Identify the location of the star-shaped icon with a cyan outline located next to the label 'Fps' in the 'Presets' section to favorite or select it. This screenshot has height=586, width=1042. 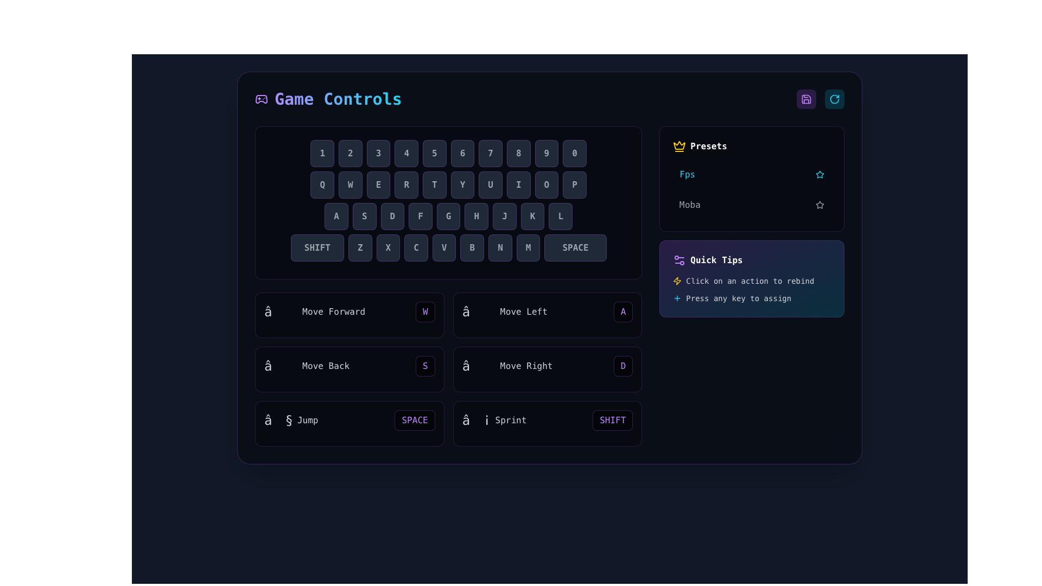
(819, 173).